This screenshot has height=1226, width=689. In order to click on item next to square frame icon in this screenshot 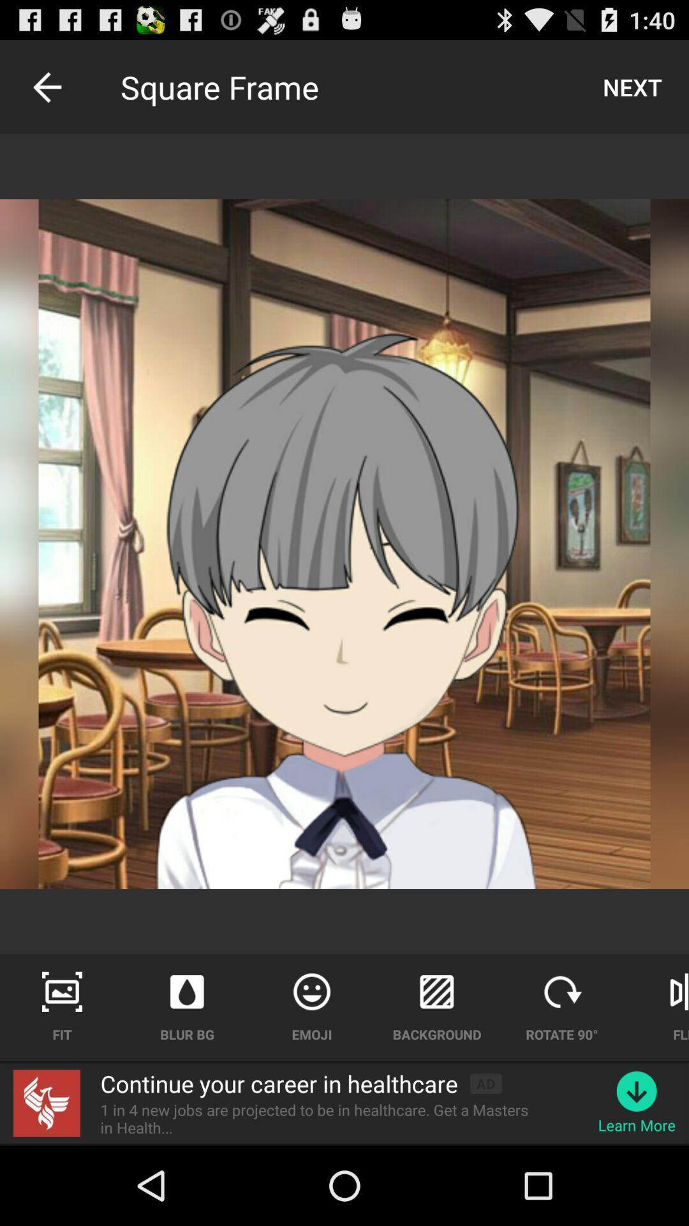, I will do `click(46, 86)`.